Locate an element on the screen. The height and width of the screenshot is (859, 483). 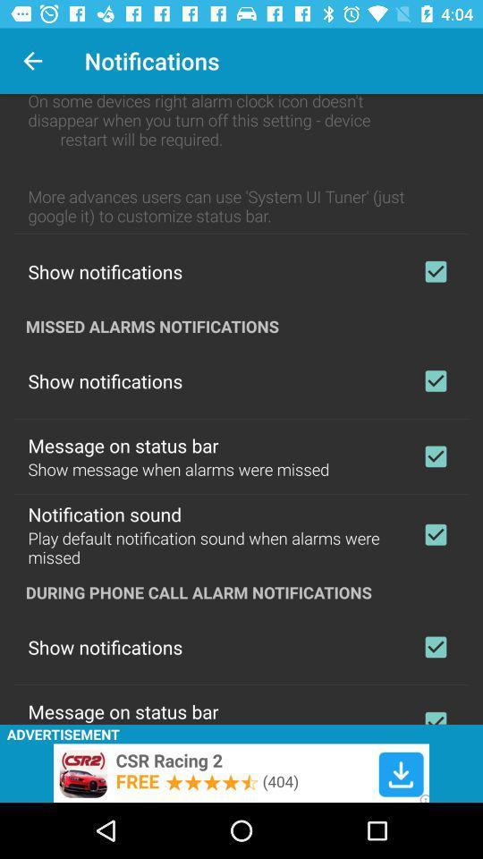
logo is located at coordinates (435, 455).